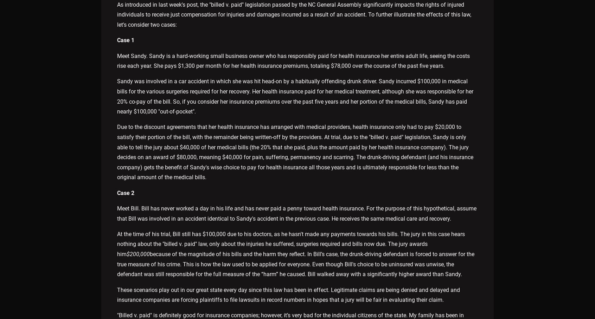 The height and width of the screenshot is (319, 595). Describe the element at coordinates (342, 282) in the screenshot. I see `'Site Map'` at that location.